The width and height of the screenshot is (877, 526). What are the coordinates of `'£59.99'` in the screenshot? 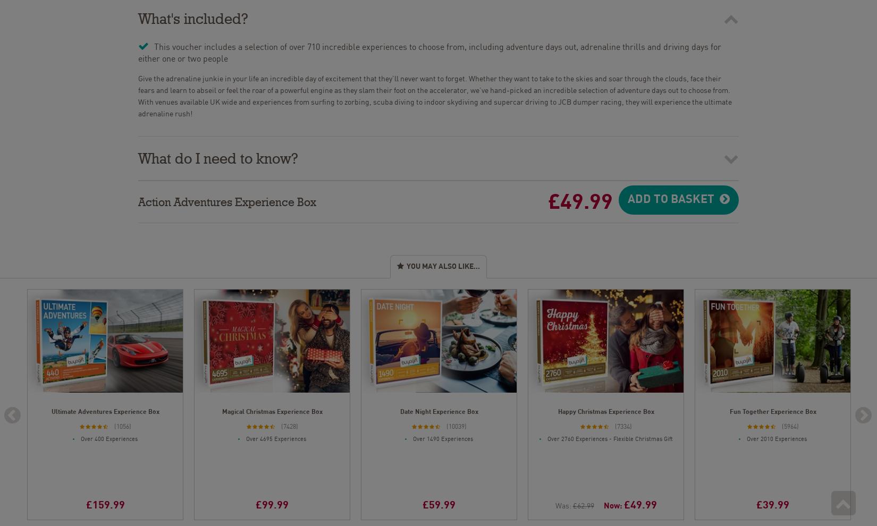 It's located at (438, 503).